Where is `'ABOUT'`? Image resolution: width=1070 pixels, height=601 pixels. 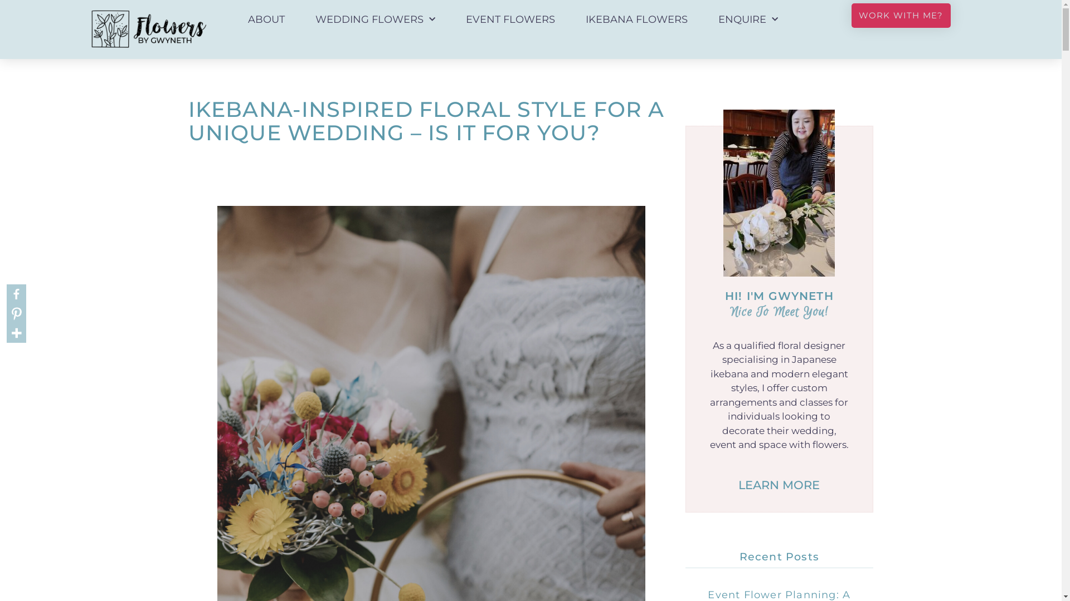
'ABOUT' is located at coordinates (266, 19).